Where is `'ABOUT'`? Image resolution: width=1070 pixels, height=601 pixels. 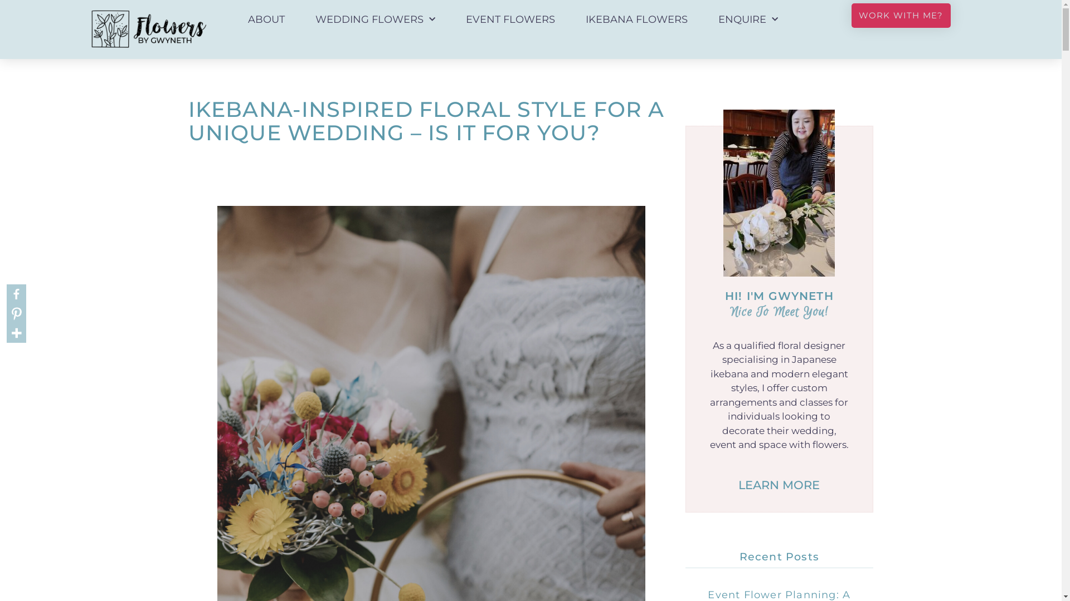
'ABOUT' is located at coordinates (266, 19).